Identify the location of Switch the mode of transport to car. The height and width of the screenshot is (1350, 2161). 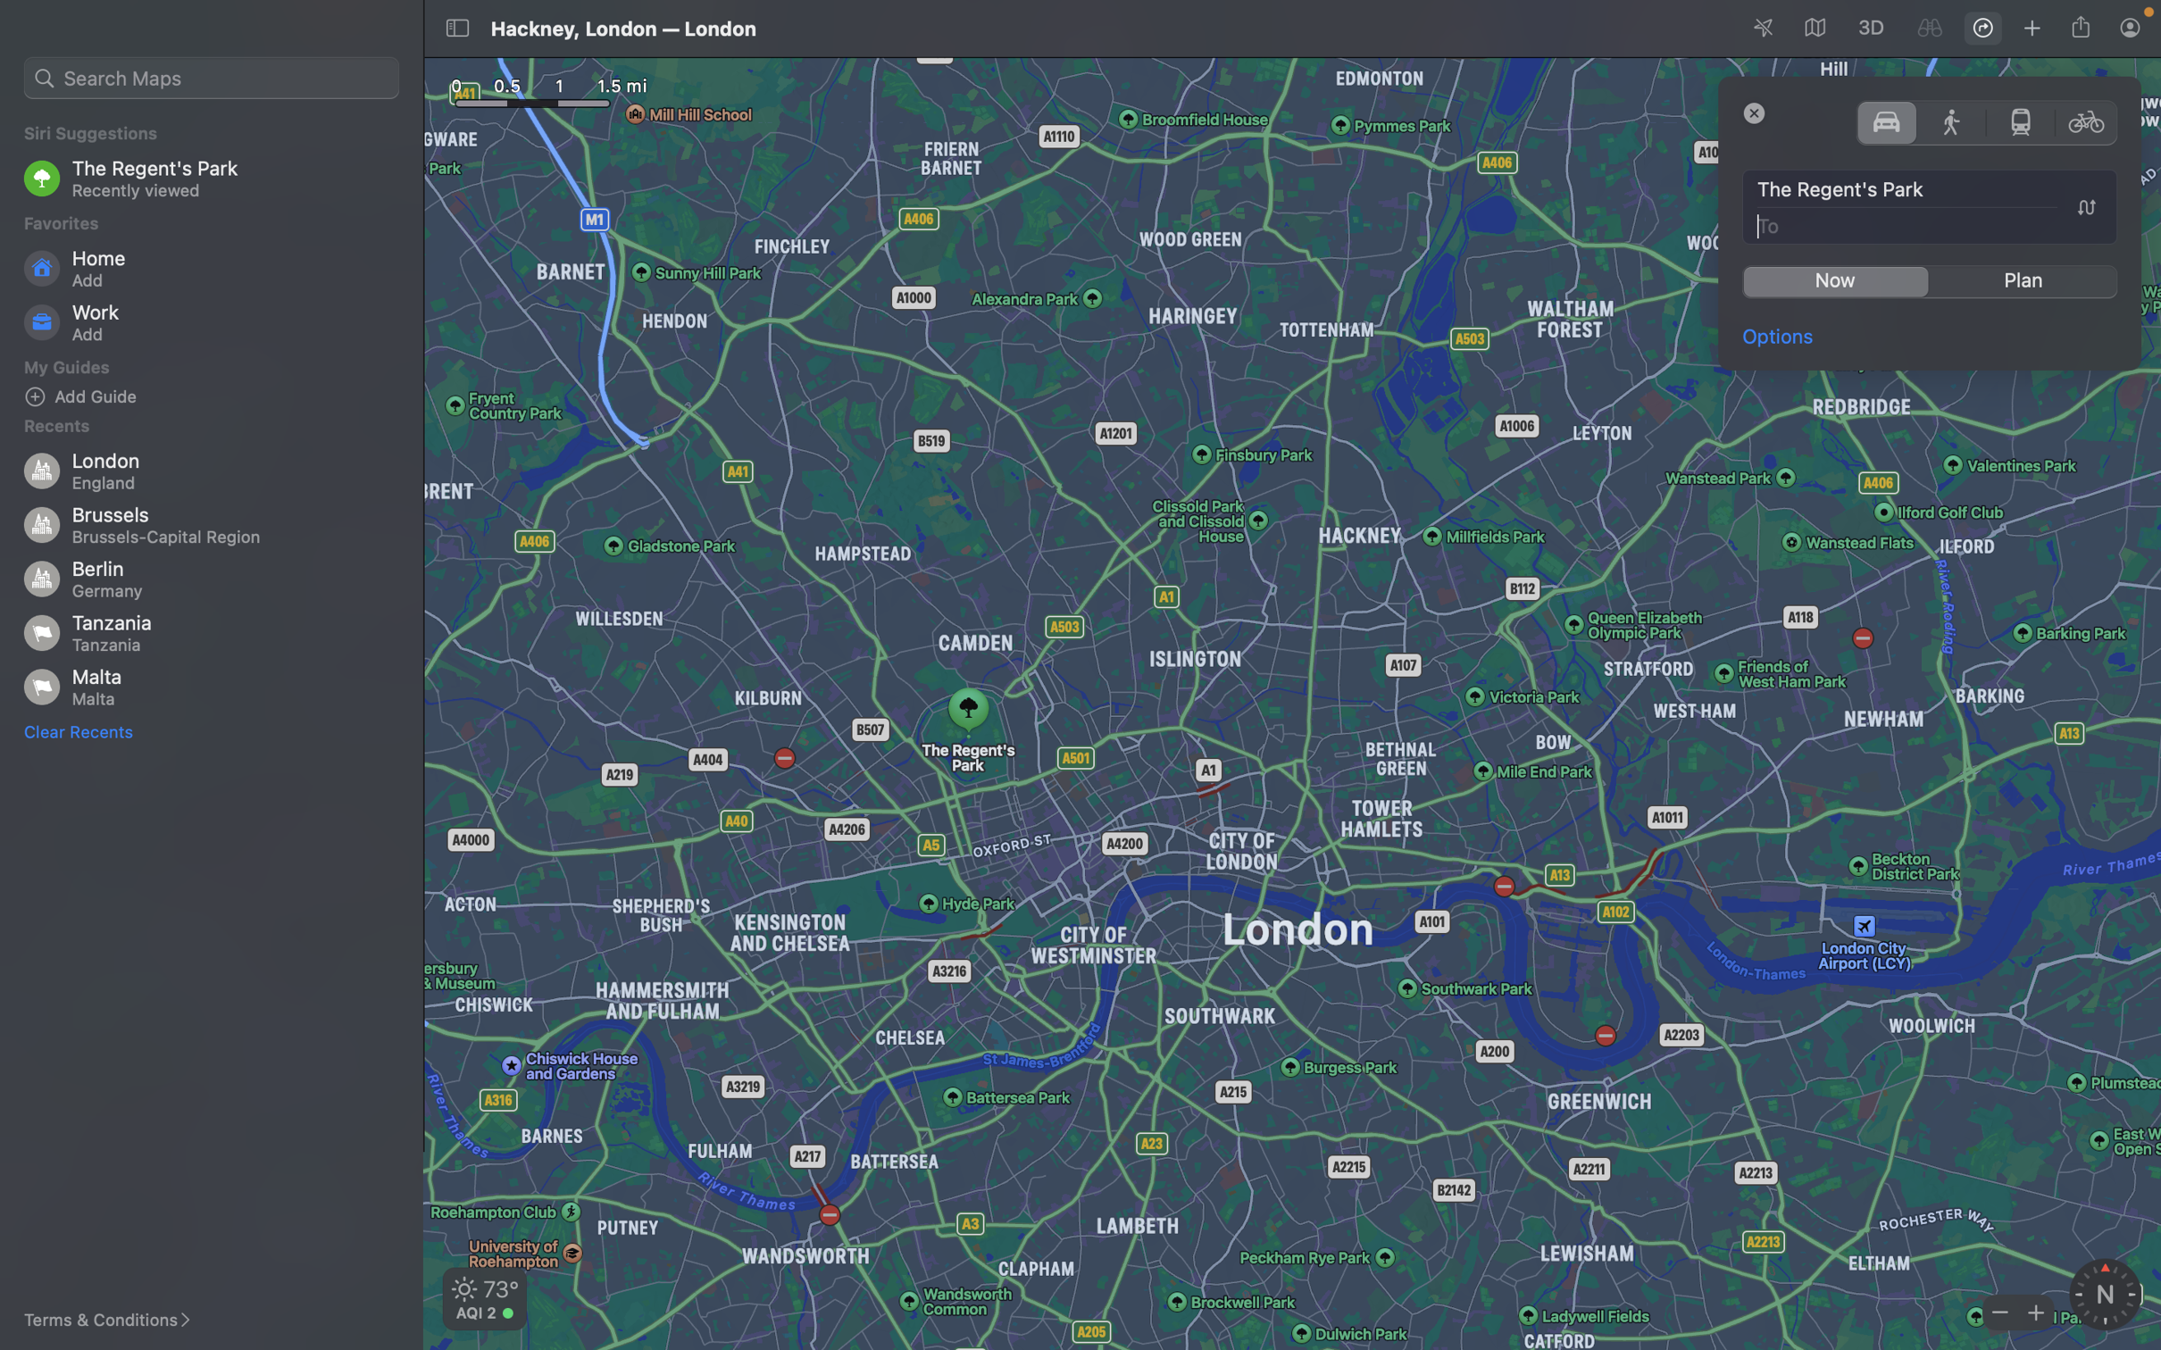
(1886, 121).